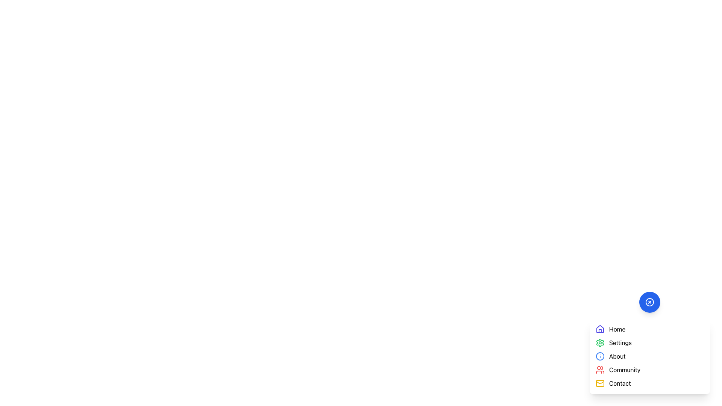  Describe the element at coordinates (617, 329) in the screenshot. I see `the 'Home' text label displayed in black font, which is positioned to the right of a house icon in a horizontal menu arrangement` at that location.